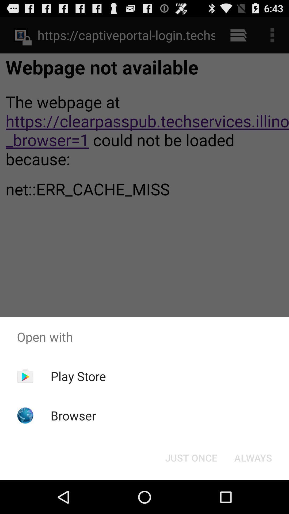 This screenshot has width=289, height=514. Describe the element at coordinates (253, 457) in the screenshot. I see `the always` at that location.